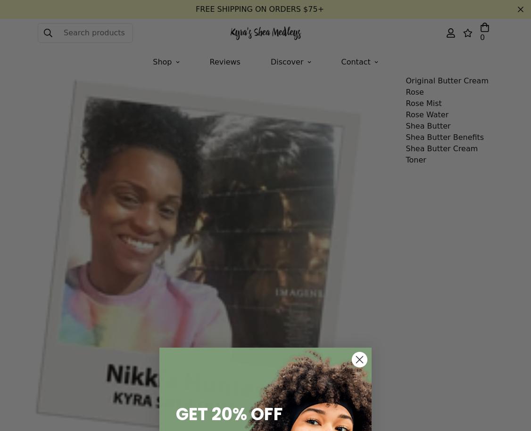  Describe the element at coordinates (427, 114) in the screenshot. I see `'Rose Water'` at that location.